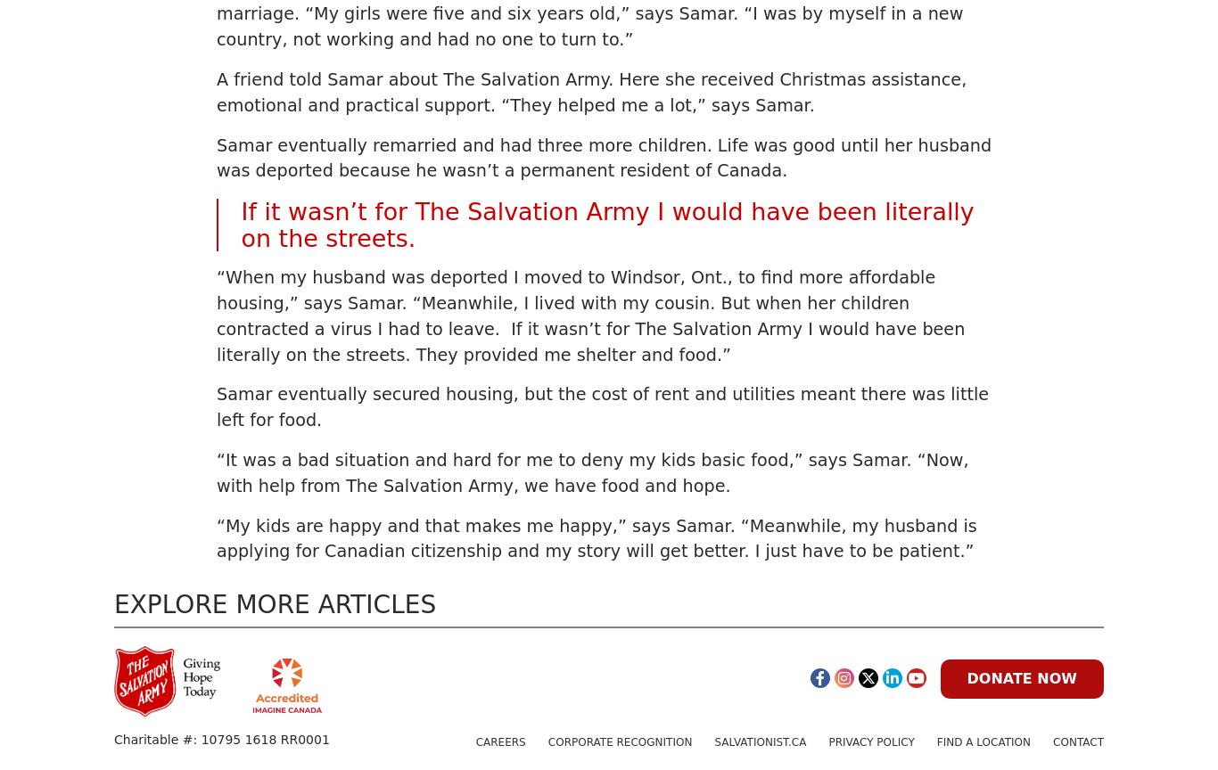  Describe the element at coordinates (605, 225) in the screenshot. I see `'If it wasn’t for The Salvation Army I would have been literally on the streets.'` at that location.